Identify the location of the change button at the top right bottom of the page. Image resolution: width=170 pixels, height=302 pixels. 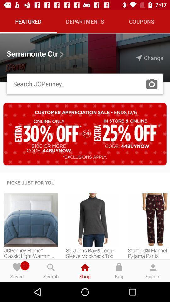
(149, 58).